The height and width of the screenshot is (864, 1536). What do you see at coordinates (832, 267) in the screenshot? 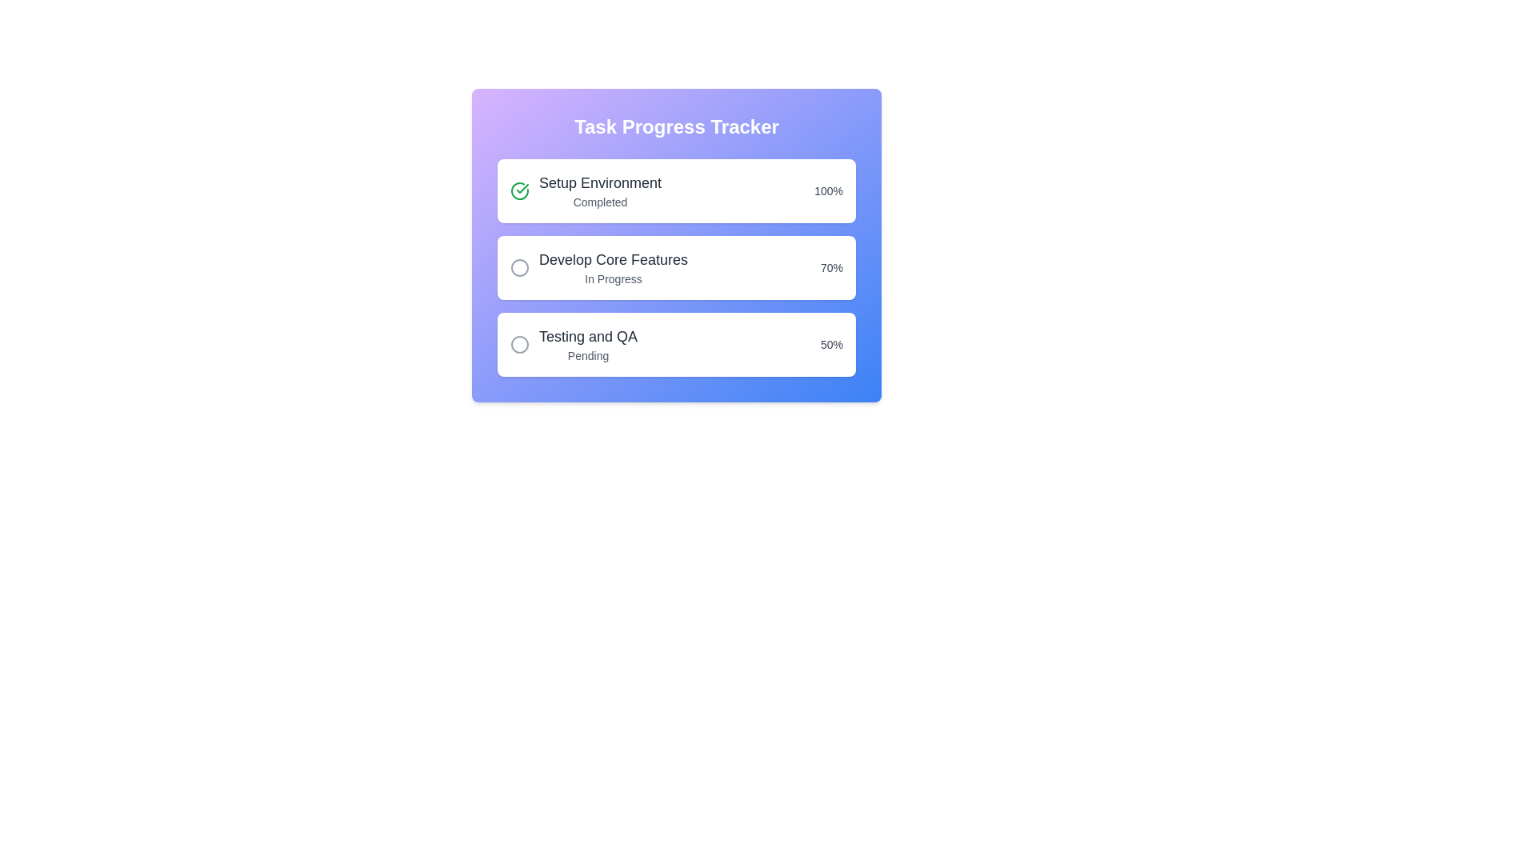
I see `progress percentage displayed as '70%' in medium gray color within the card labeled 'Develop Core Features', which is the second progress indicator from the top` at bounding box center [832, 267].